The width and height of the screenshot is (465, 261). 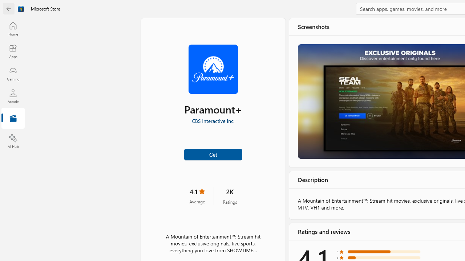 I want to click on 'Apps', so click(x=13, y=51).